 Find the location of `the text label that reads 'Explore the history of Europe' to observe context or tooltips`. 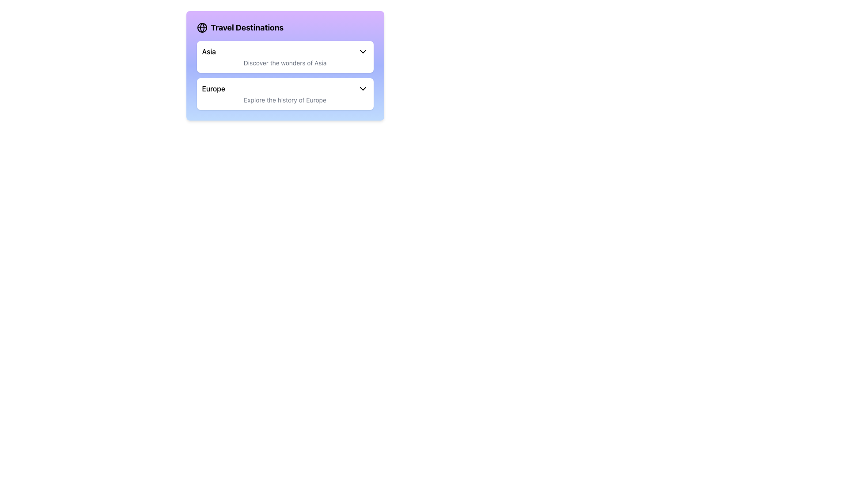

the text label that reads 'Explore the history of Europe' to observe context or tooltips is located at coordinates (285, 100).